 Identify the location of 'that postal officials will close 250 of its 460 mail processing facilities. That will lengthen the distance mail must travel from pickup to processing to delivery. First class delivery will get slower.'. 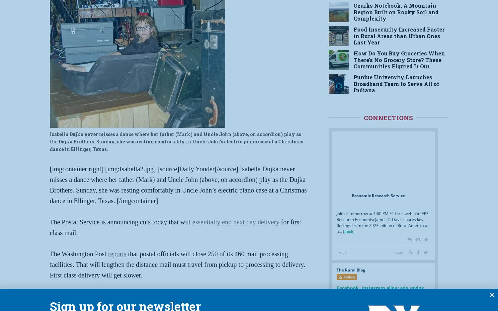
(177, 264).